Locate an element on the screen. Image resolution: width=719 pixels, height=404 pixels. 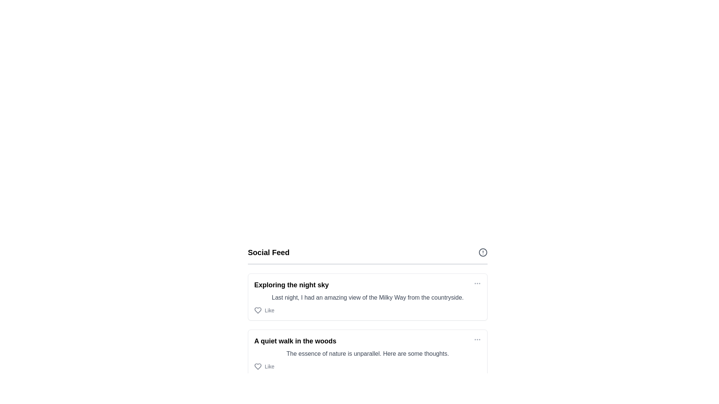
the three-dot vertical ellipsis icon located in the top-right corner of the section titled 'Exploring the night sky' is located at coordinates (477, 284).